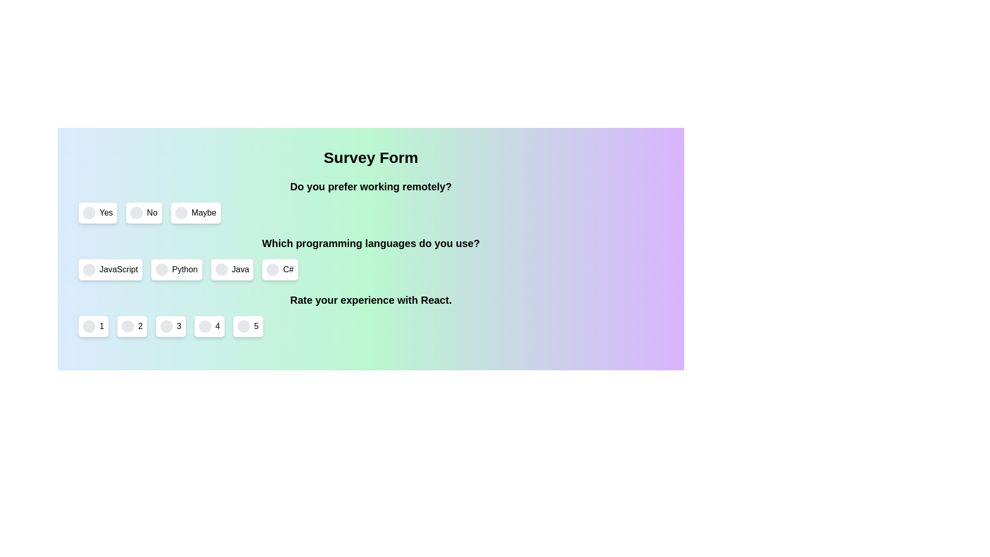 Image resolution: width=990 pixels, height=557 pixels. Describe the element at coordinates (185, 269) in the screenshot. I see `the 'Python' label in the option group under 'Which programming languages do you use?'` at that location.